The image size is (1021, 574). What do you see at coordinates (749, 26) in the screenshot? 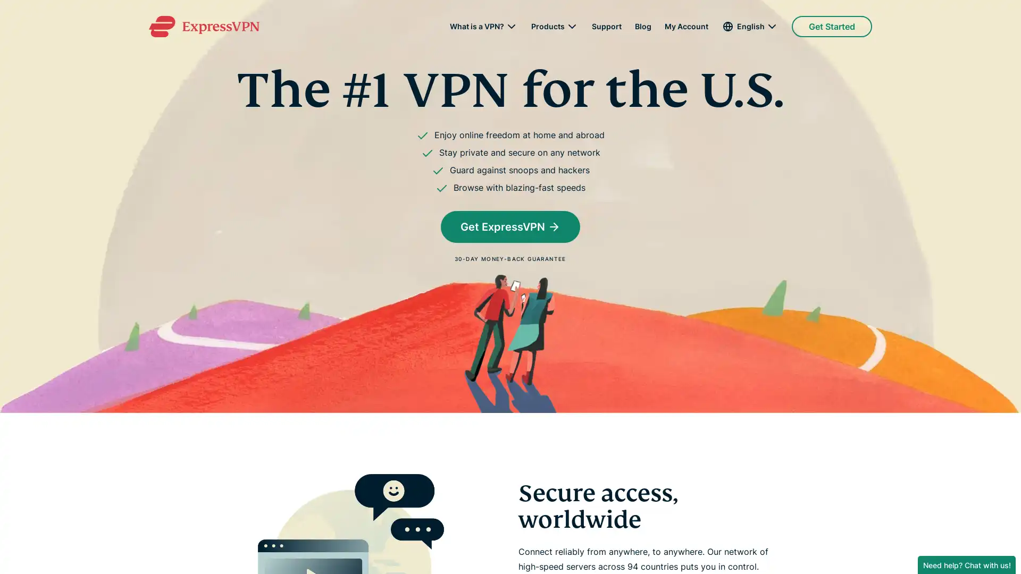
I see `Language` at bounding box center [749, 26].